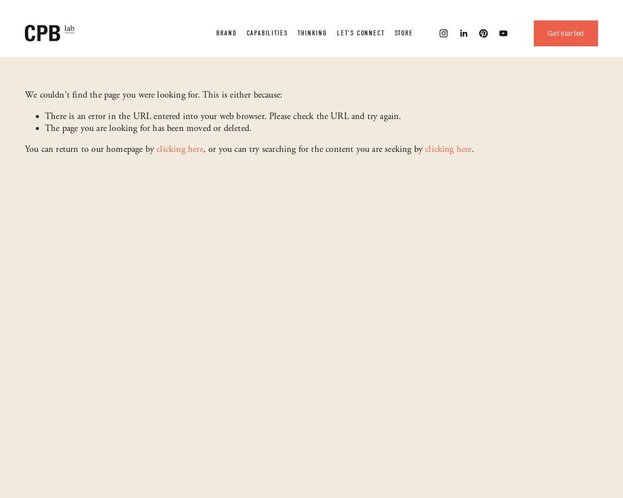  I want to click on 'Store', so click(403, 32).